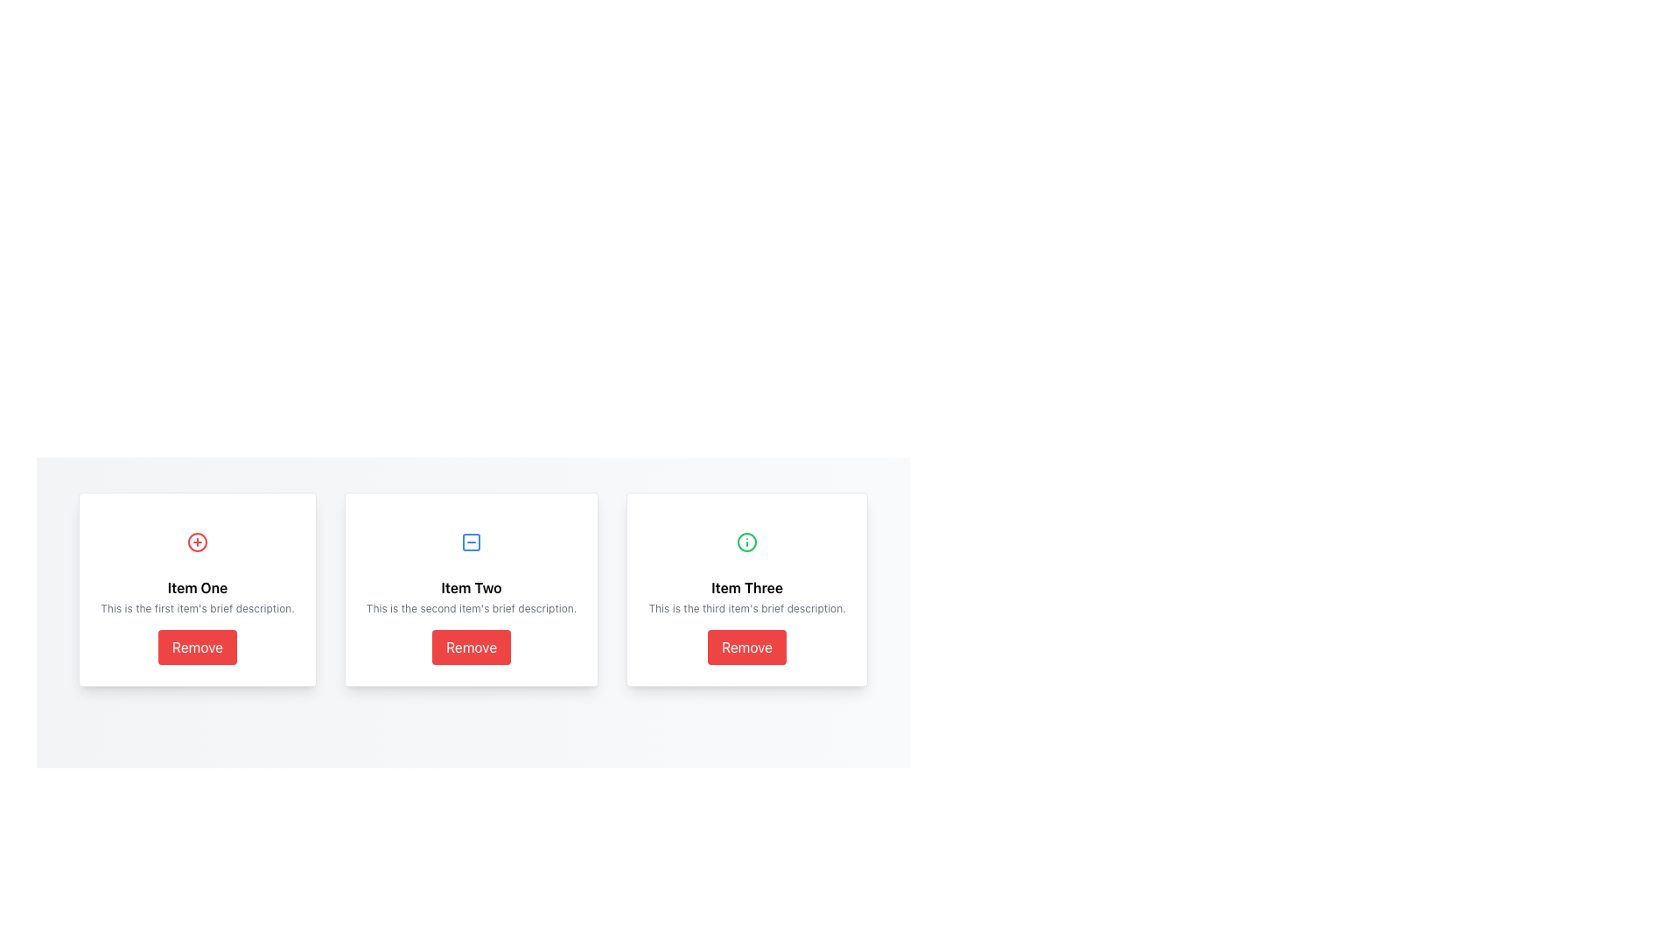 The image size is (1680, 945). What do you see at coordinates (472, 542) in the screenshot?
I see `the blue square icon with a minus sign centered within it, located in the top section of the 'Item Two' card` at bounding box center [472, 542].